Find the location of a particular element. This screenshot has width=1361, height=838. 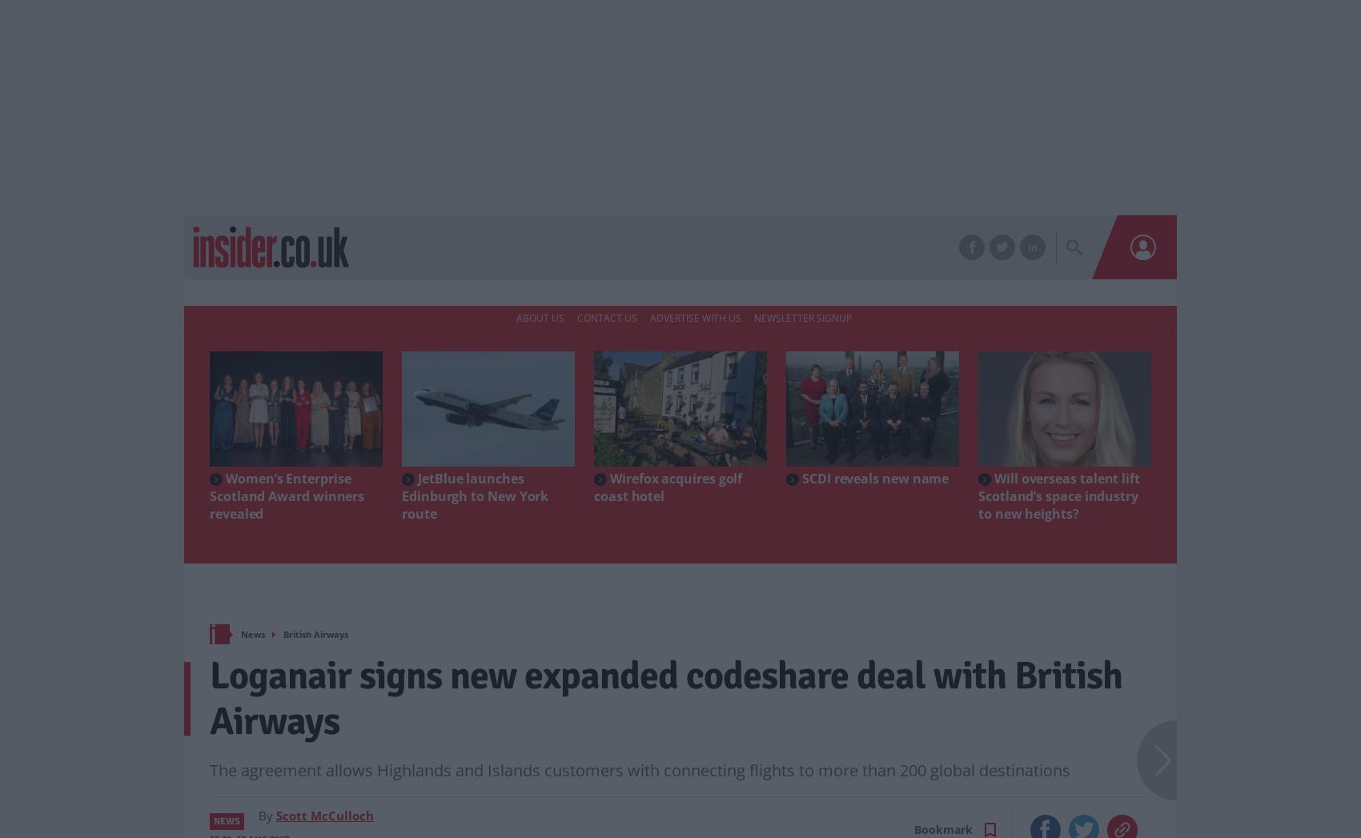

'Wirefox acquires golf coast hotel' is located at coordinates (667, 485).